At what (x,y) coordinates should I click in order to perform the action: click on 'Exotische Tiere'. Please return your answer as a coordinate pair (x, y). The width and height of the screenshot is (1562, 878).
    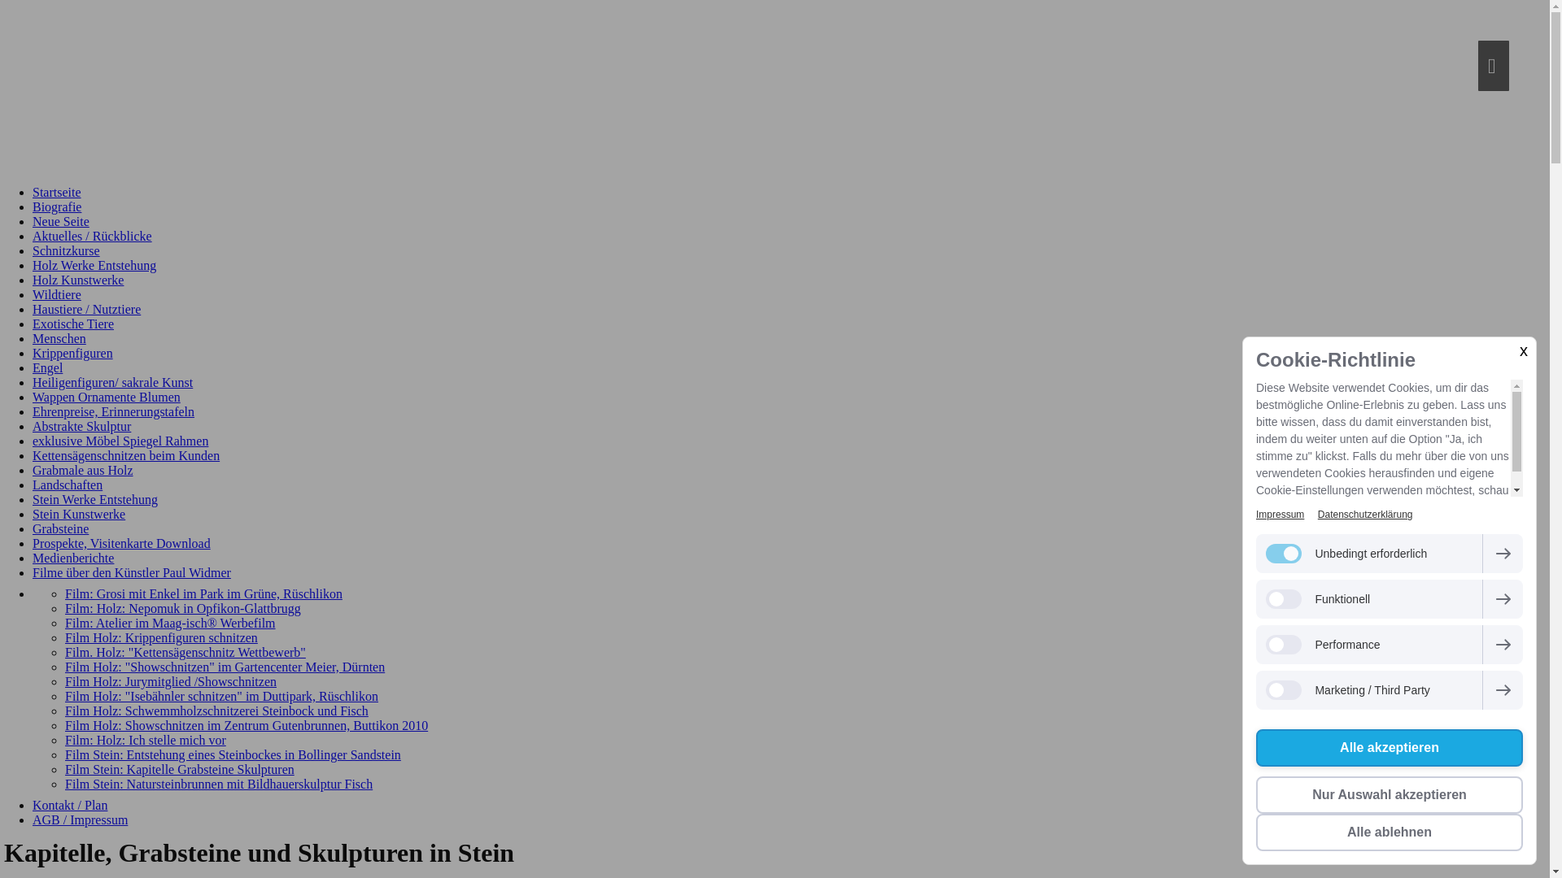
    Looking at the image, I should click on (72, 324).